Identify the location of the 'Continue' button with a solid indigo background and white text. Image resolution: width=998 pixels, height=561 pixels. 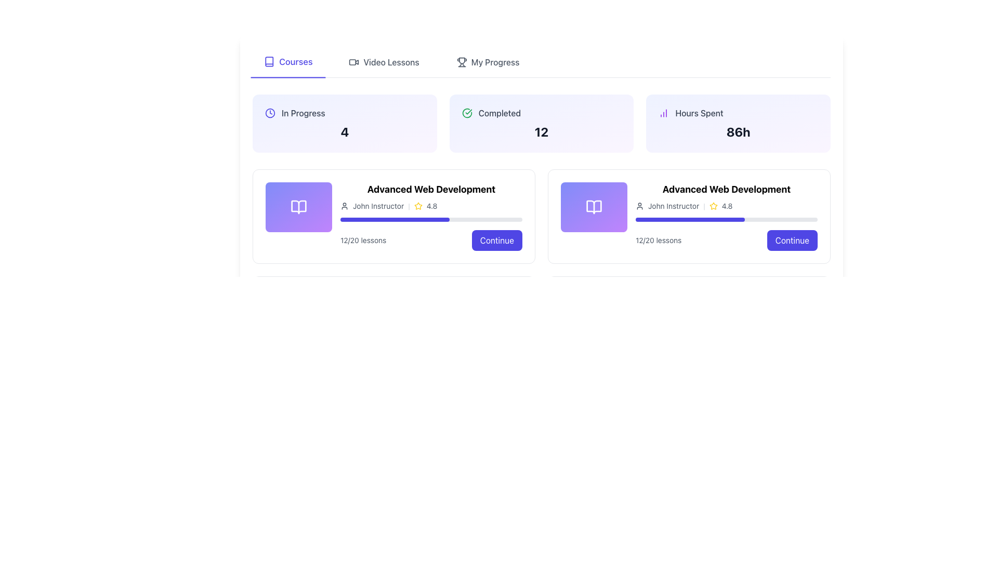
(792, 240).